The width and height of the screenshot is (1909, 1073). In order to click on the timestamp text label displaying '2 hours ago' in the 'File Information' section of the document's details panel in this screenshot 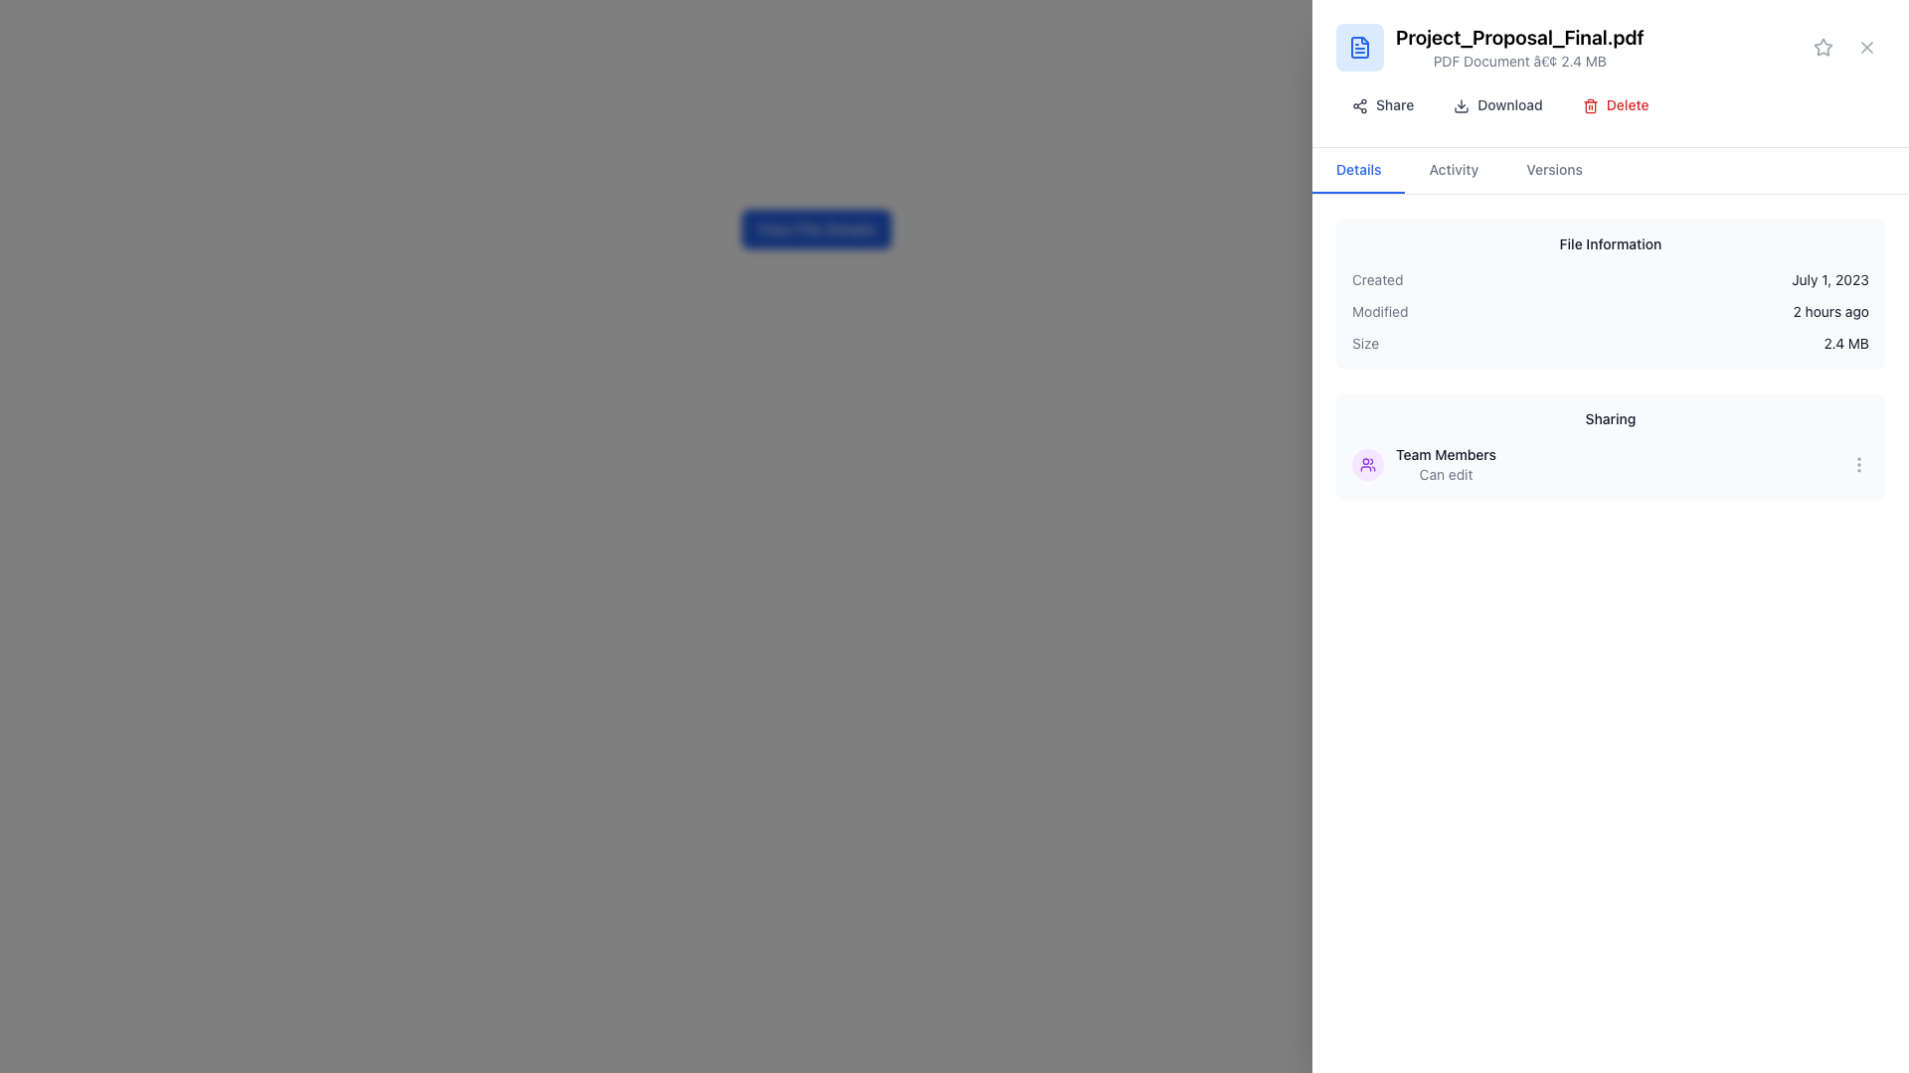, I will do `click(1829, 311)`.